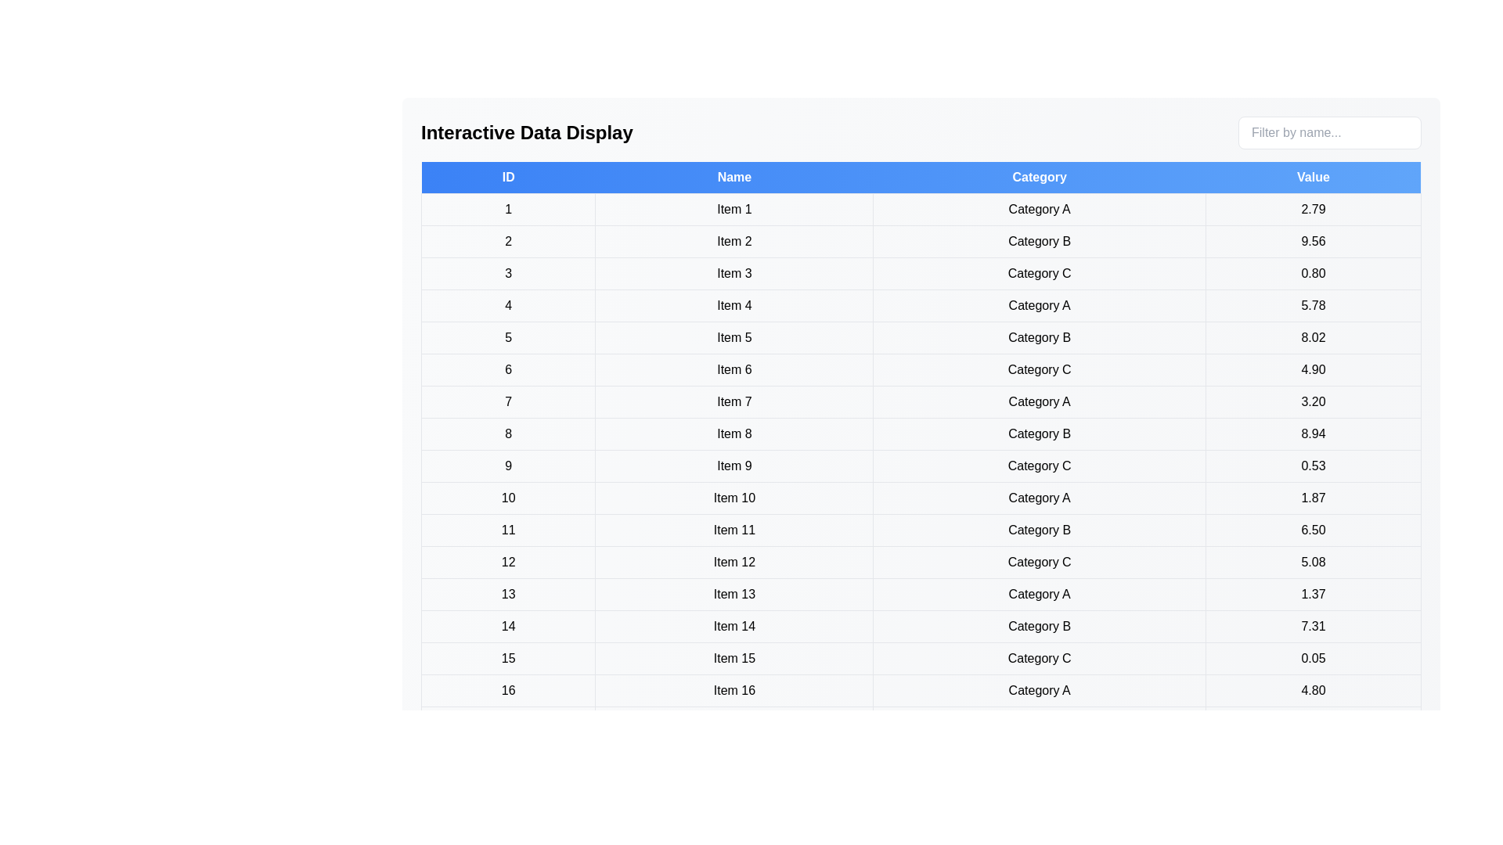  What do you see at coordinates (1329, 131) in the screenshot?
I see `the text input field and type a filter string` at bounding box center [1329, 131].